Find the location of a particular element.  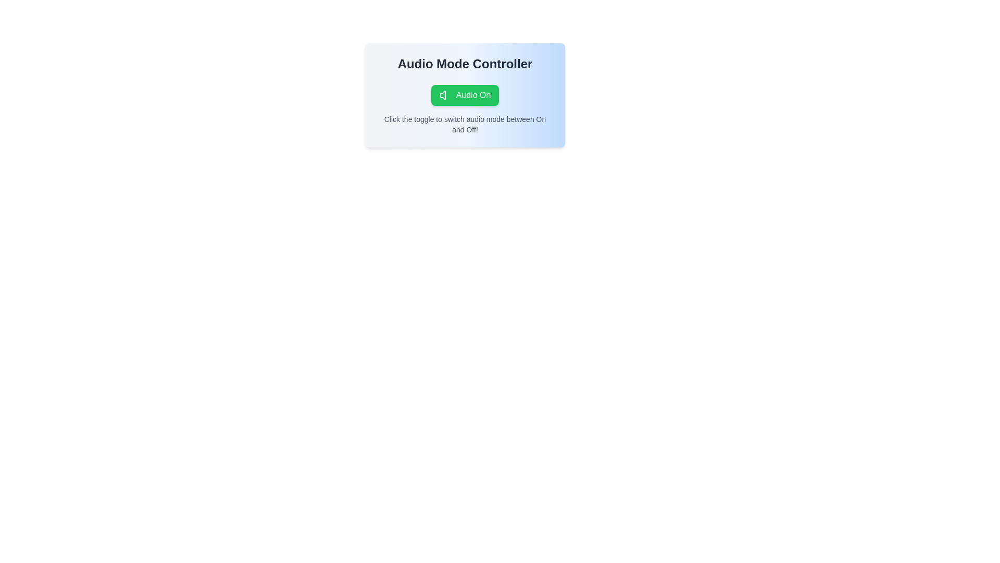

the center of the button to toggle the audio state is located at coordinates (464, 95).